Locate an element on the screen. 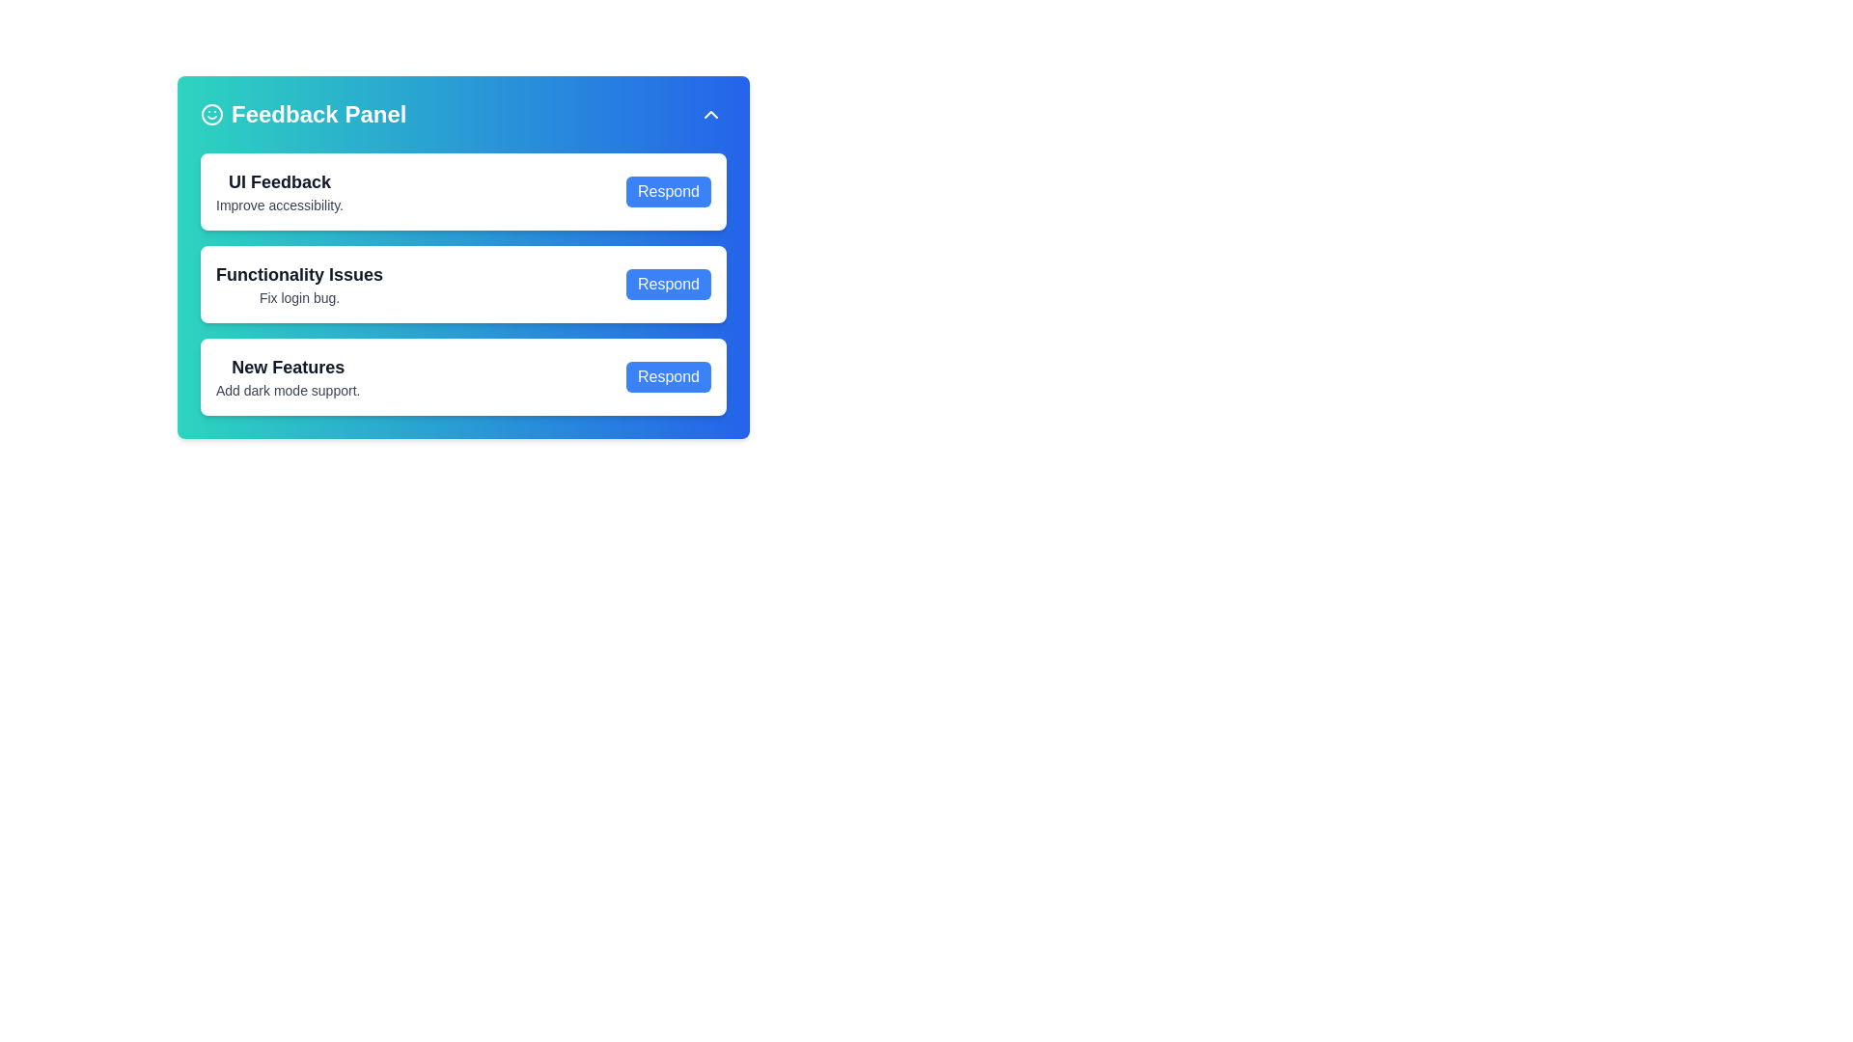 This screenshot has height=1042, width=1853. static text label that displays 'Fix login bug.' located directly underneath the heading 'Functionality Issues.' is located at coordinates (298, 297).